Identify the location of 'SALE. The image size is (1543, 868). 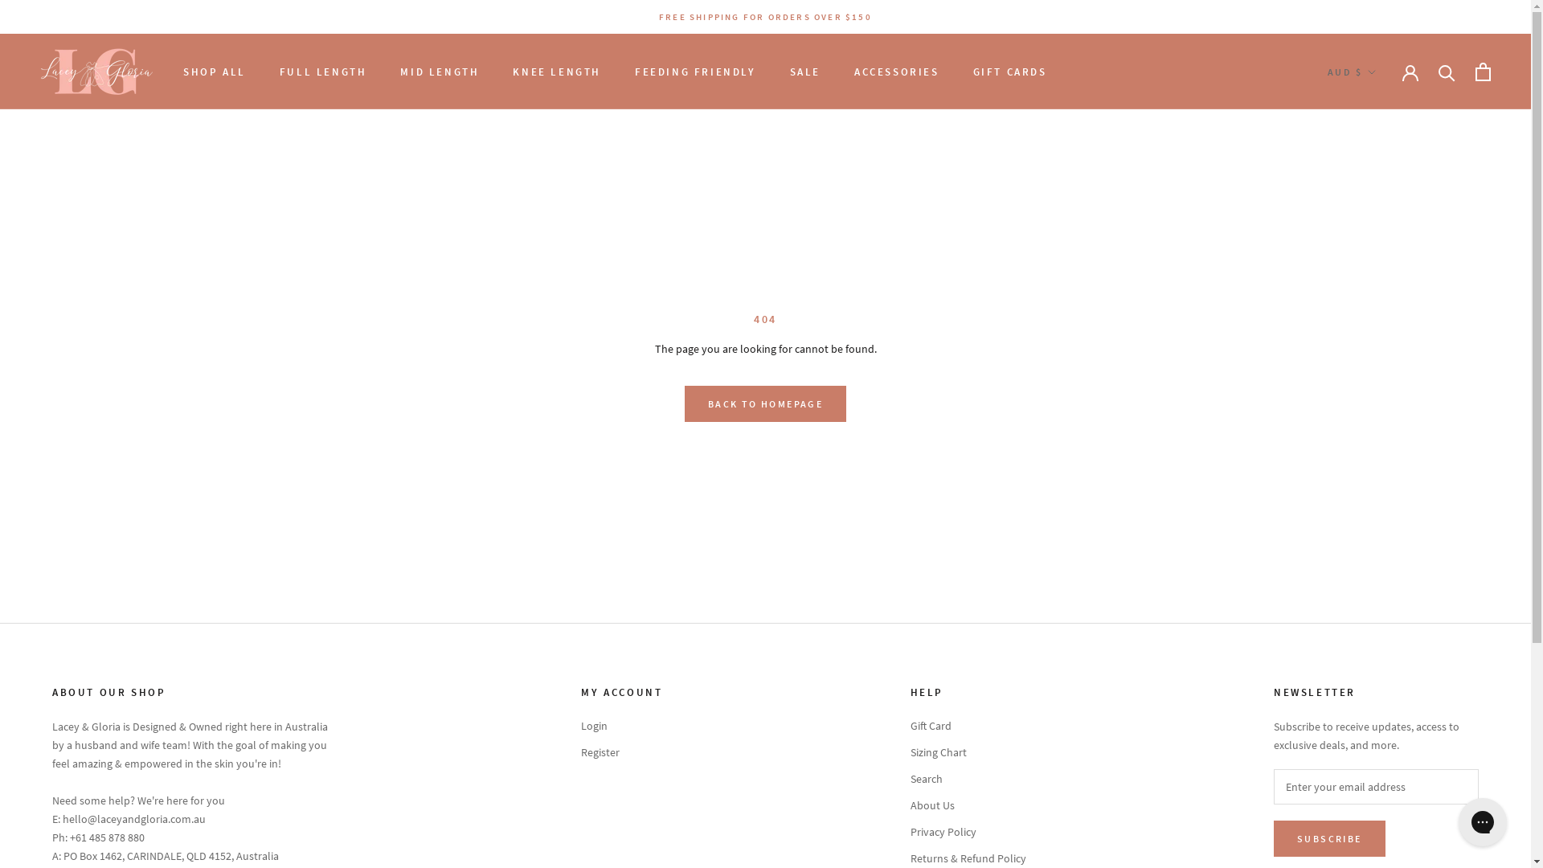
(805, 71).